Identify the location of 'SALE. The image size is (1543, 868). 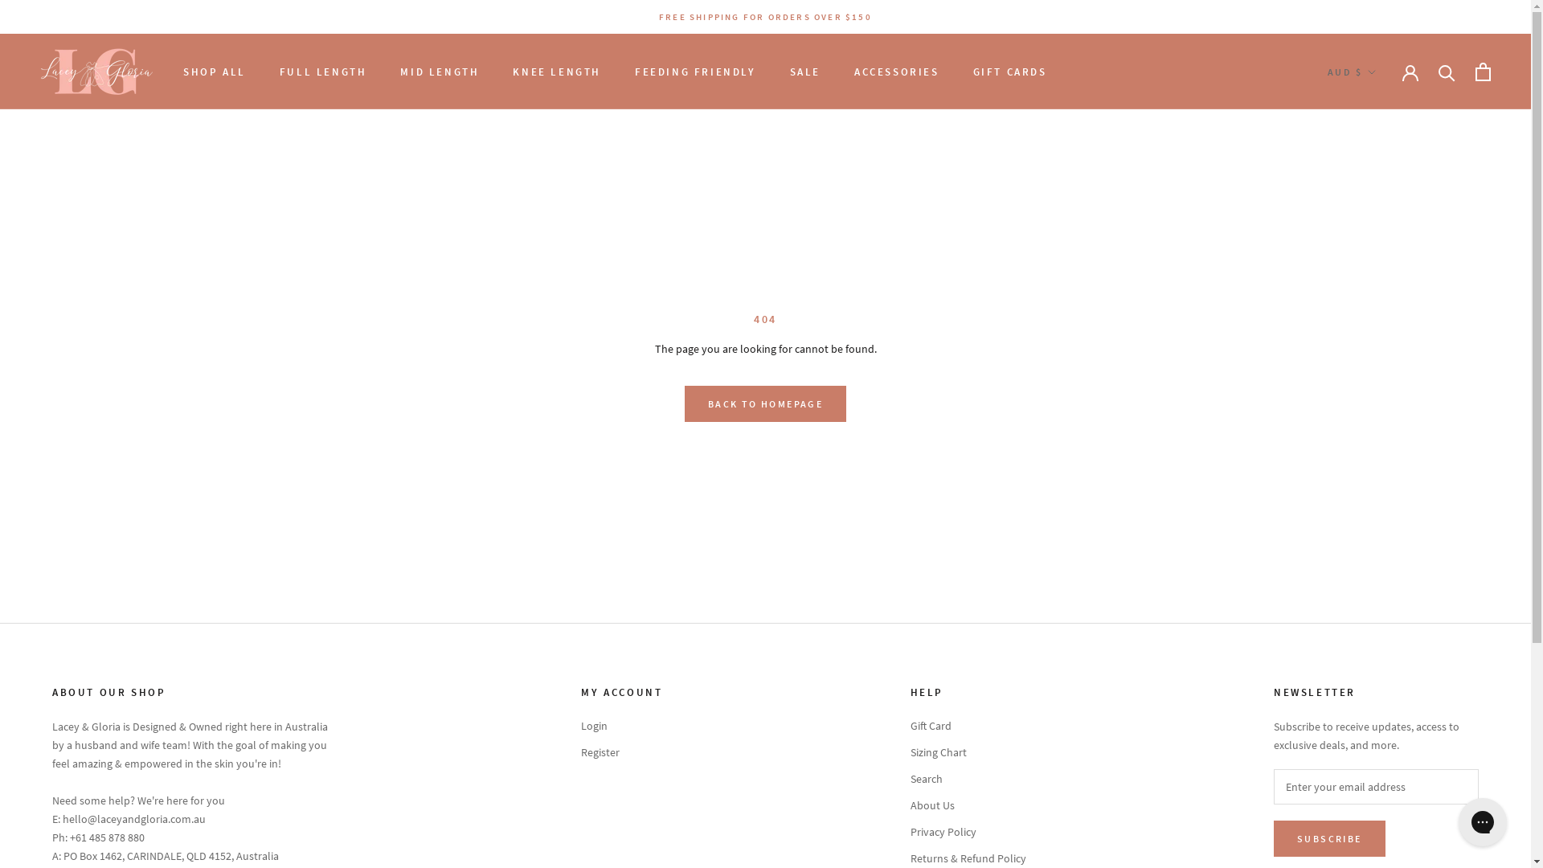
(805, 71).